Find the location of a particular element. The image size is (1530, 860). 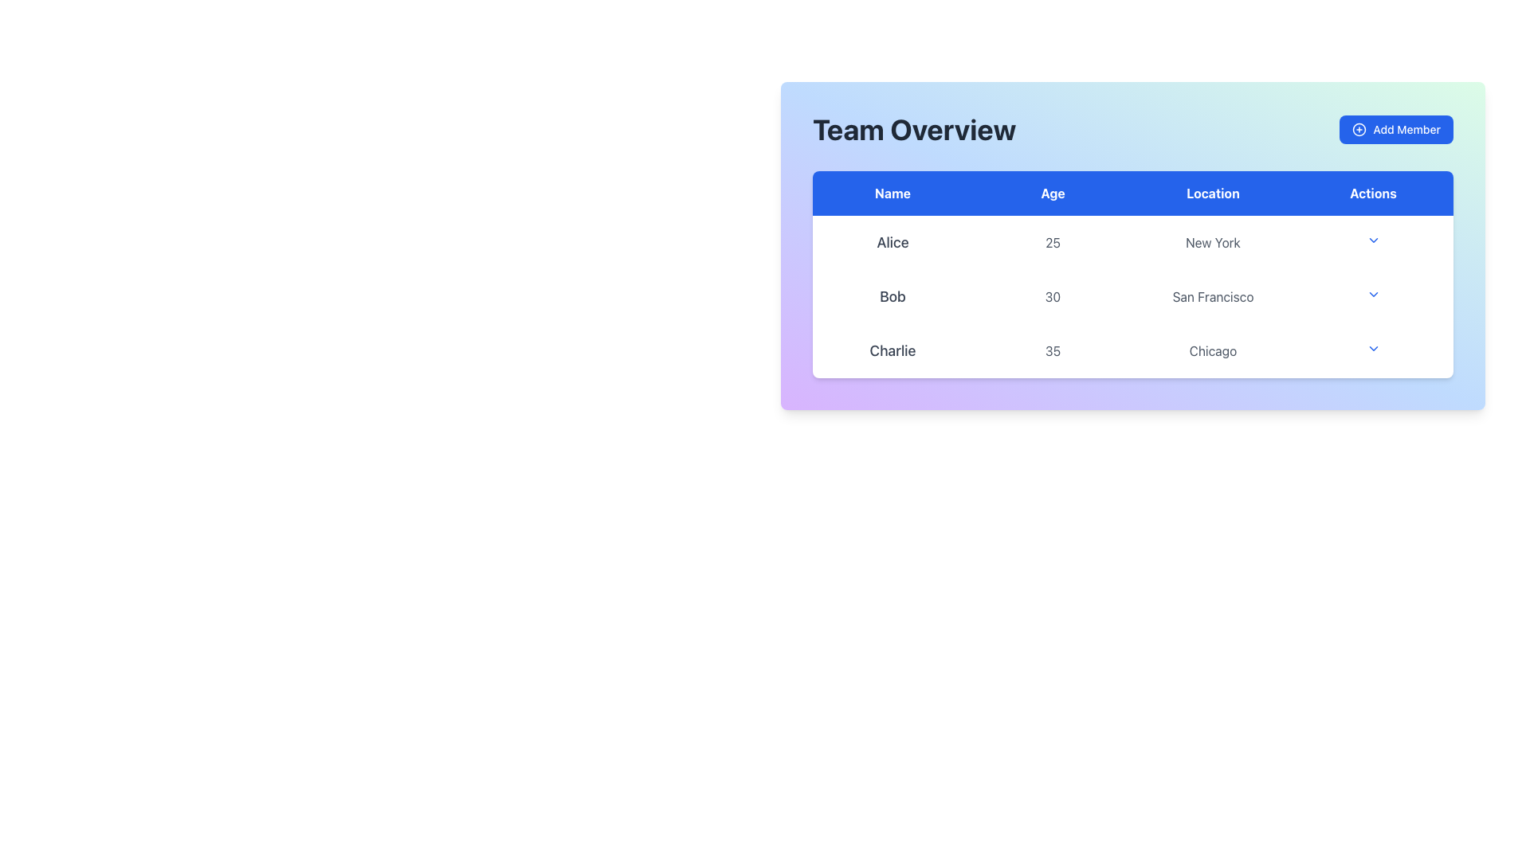

the static text label 'Bob' in the second row of the table under the 'Name' column is located at coordinates (892, 297).